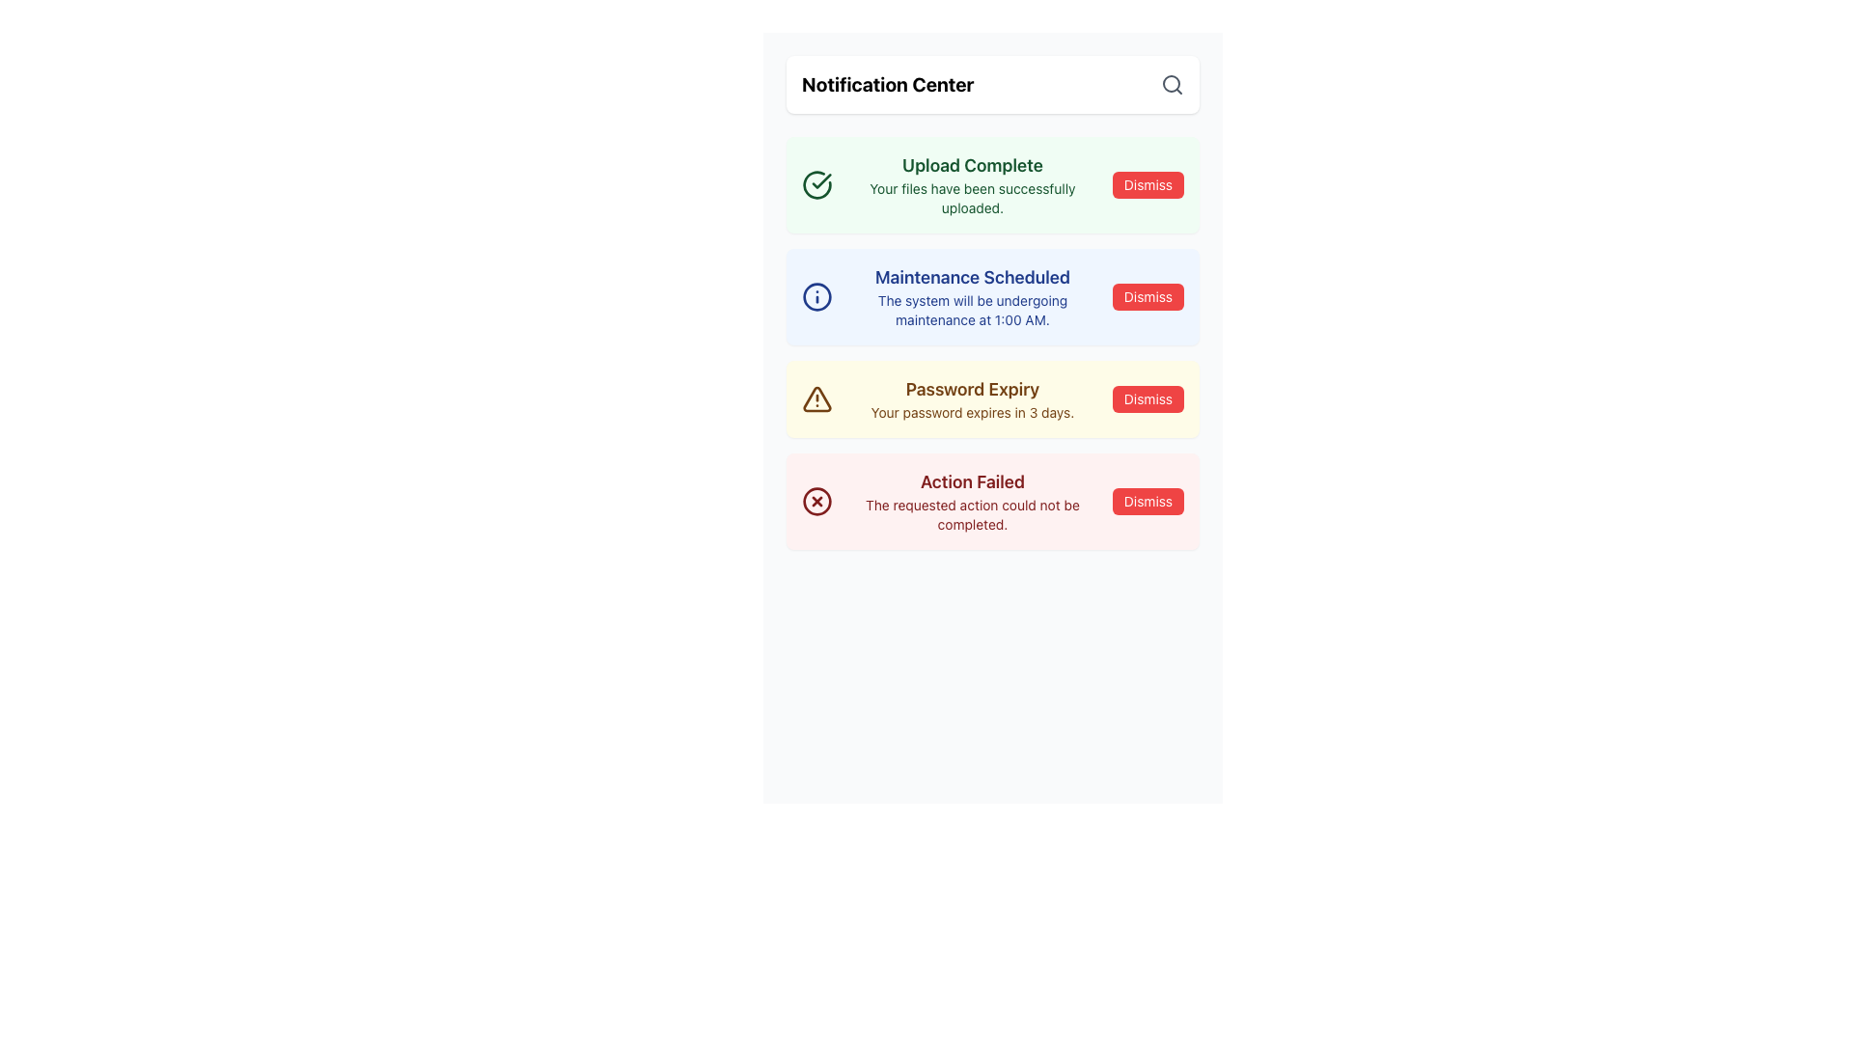 The height and width of the screenshot is (1042, 1853). What do you see at coordinates (992, 501) in the screenshot?
I see `title and message from the notification card with a red background and bold red text, labeled 'Action Failed', which is the fourth and last notification card in the stack` at bounding box center [992, 501].